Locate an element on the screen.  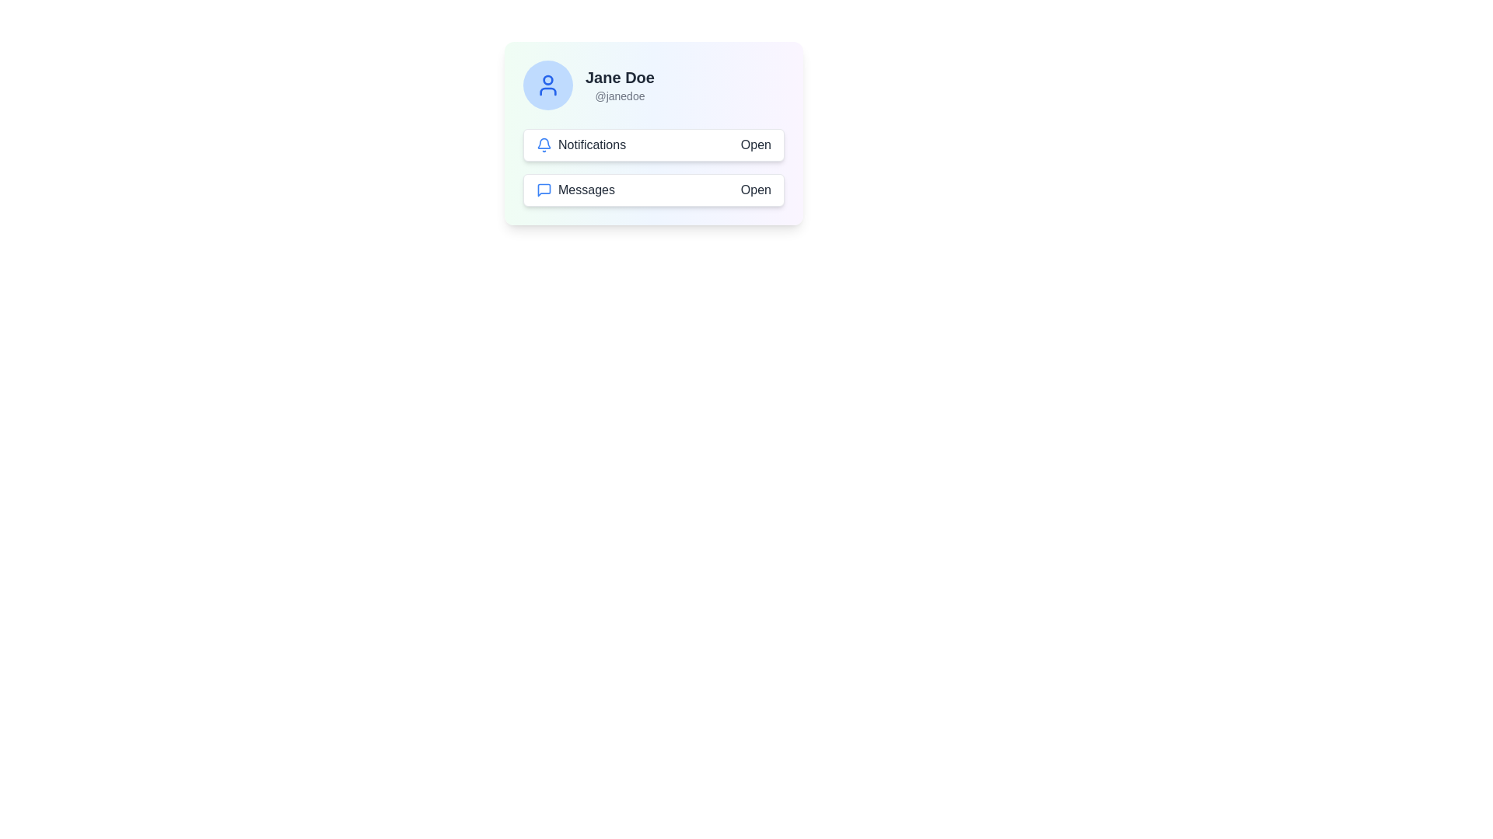
the blue bell-shaped icon located to the left of the text 'Notifications' is located at coordinates (544, 144).